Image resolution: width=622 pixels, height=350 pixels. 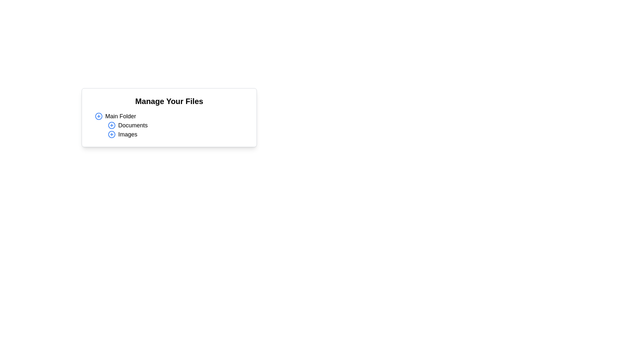 What do you see at coordinates (112, 134) in the screenshot?
I see `the circular 'circle-plus' icon located next to the 'Images' label in the 'Manage Your Files' panel, which is the third element in the list` at bounding box center [112, 134].